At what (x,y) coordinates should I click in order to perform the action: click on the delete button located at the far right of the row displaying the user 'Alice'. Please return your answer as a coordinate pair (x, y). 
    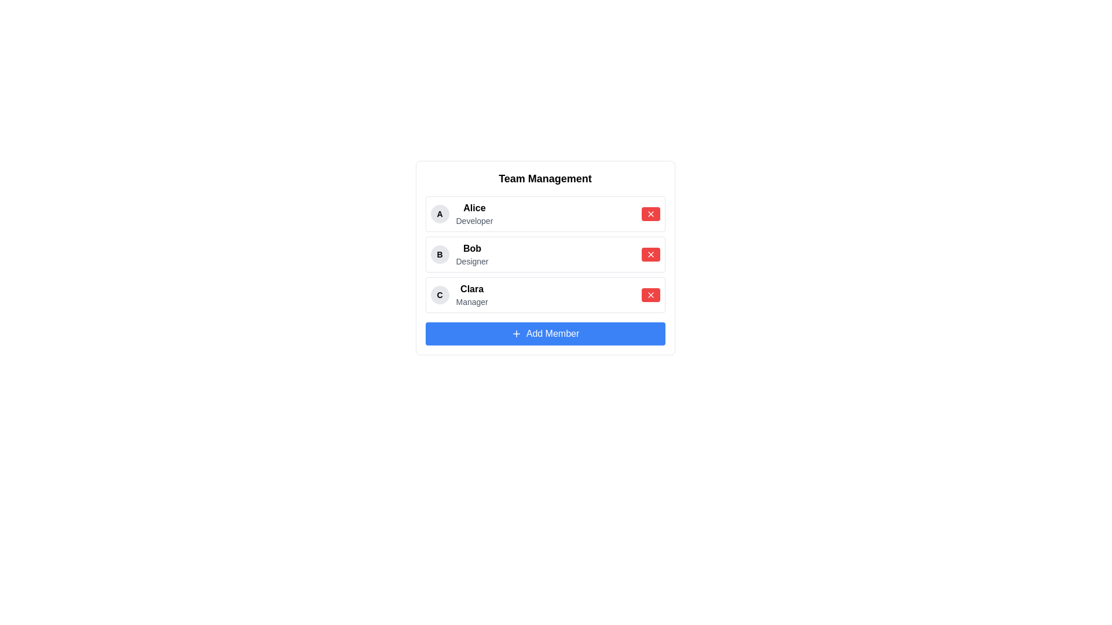
    Looking at the image, I should click on (650, 214).